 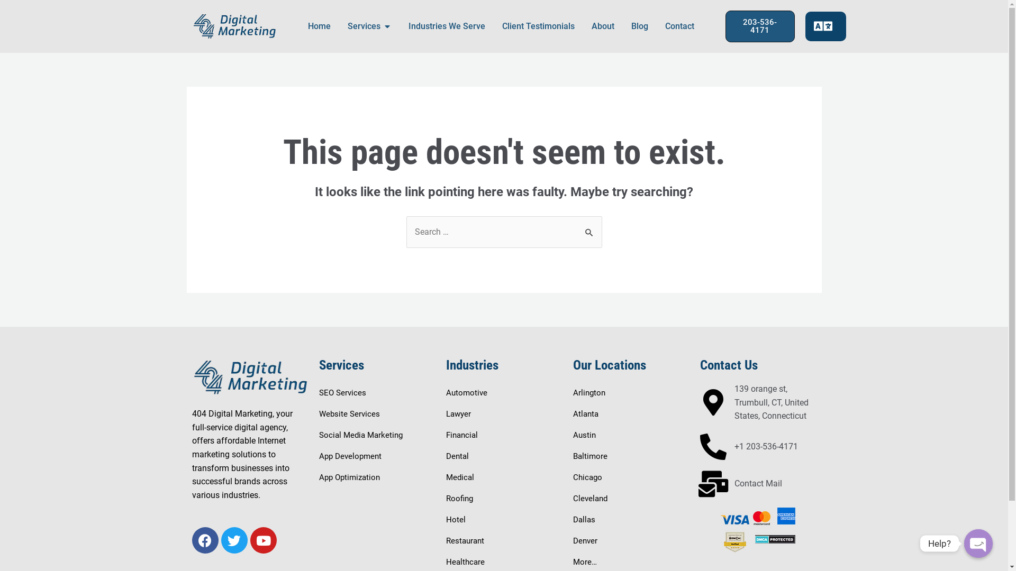 What do you see at coordinates (603, 26) in the screenshot?
I see `'About'` at bounding box center [603, 26].